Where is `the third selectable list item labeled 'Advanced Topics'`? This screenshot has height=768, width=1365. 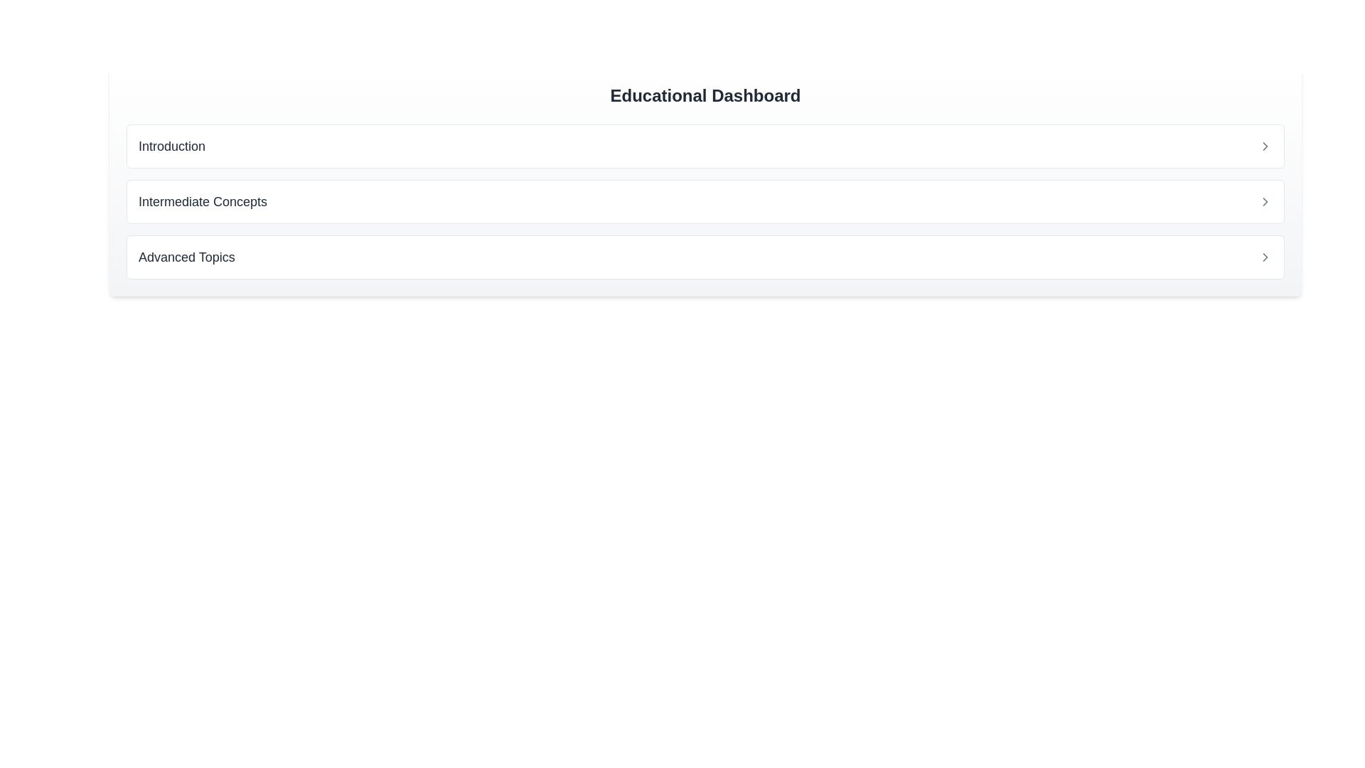 the third selectable list item labeled 'Advanced Topics' is located at coordinates (705, 257).